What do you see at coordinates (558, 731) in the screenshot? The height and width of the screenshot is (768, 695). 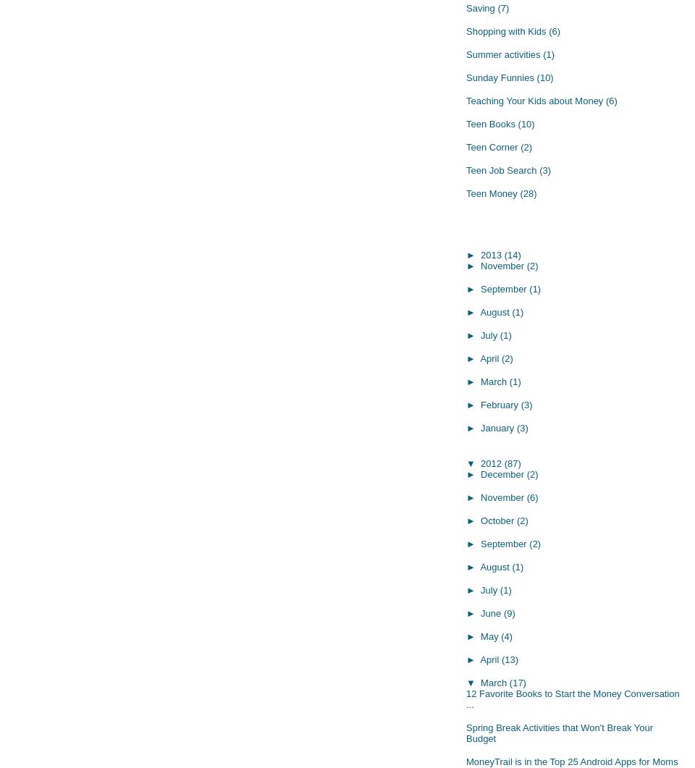 I see `'Spring Break Activities that Won't Break Your Budget'` at bounding box center [558, 731].